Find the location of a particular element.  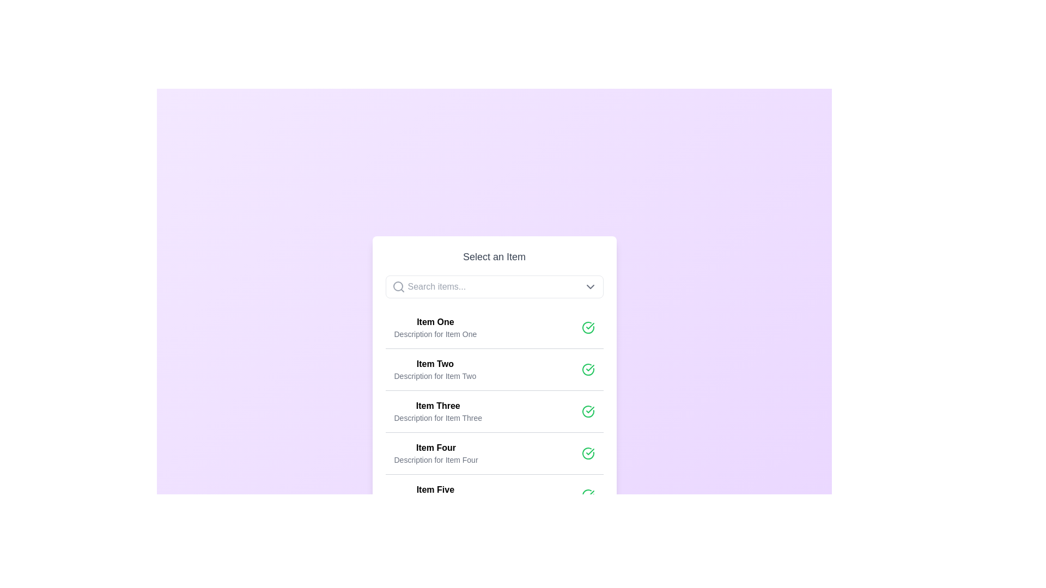

the confirmation icon located near the right side of the third list item labeled 'Item Three', indicating its active or completed status is located at coordinates (587, 412).